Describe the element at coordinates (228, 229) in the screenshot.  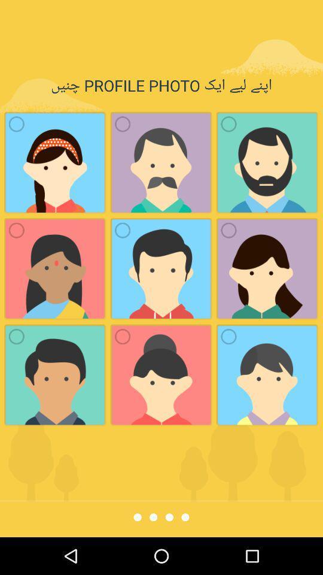
I see `the check box below the third image in first row` at that location.